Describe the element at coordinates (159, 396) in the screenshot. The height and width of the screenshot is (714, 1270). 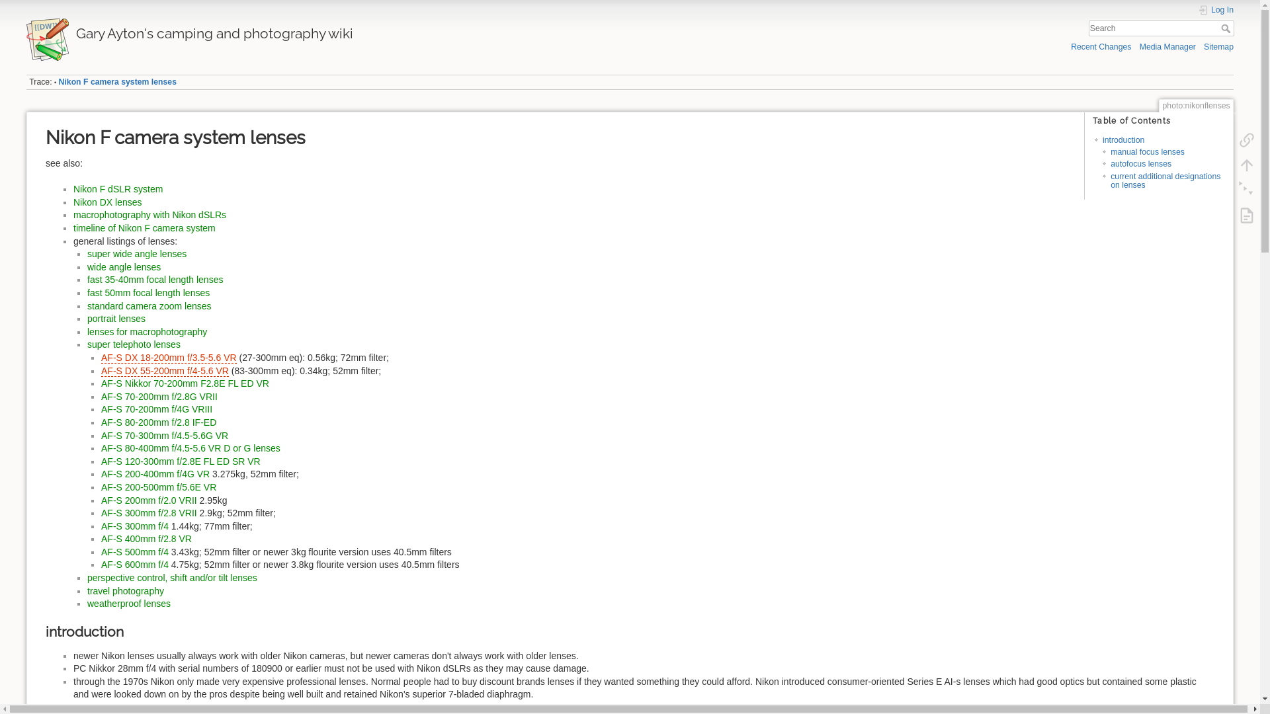
I see `'AF-S 70-200mm f/2.8G VRII'` at that location.